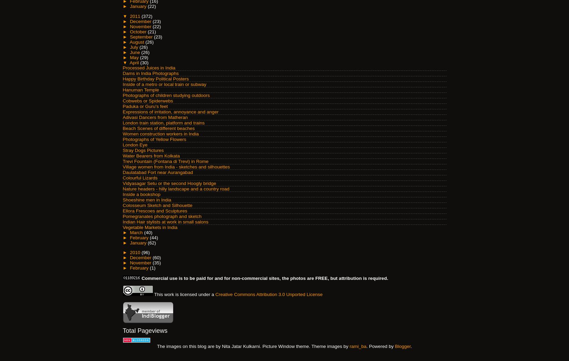  Describe the element at coordinates (134, 46) in the screenshot. I see `'July'` at that location.